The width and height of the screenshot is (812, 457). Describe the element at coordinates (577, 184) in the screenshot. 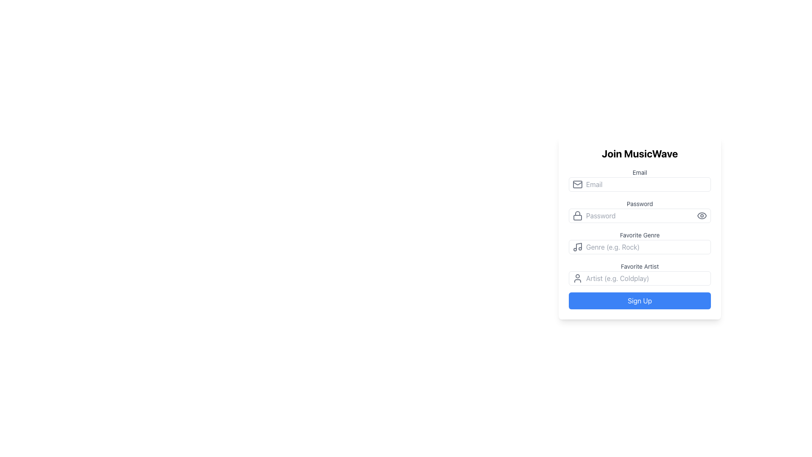

I see `the gray rectangular envelope outline icon that is part of the email icon, located to the left of the 'Email' input field` at that location.